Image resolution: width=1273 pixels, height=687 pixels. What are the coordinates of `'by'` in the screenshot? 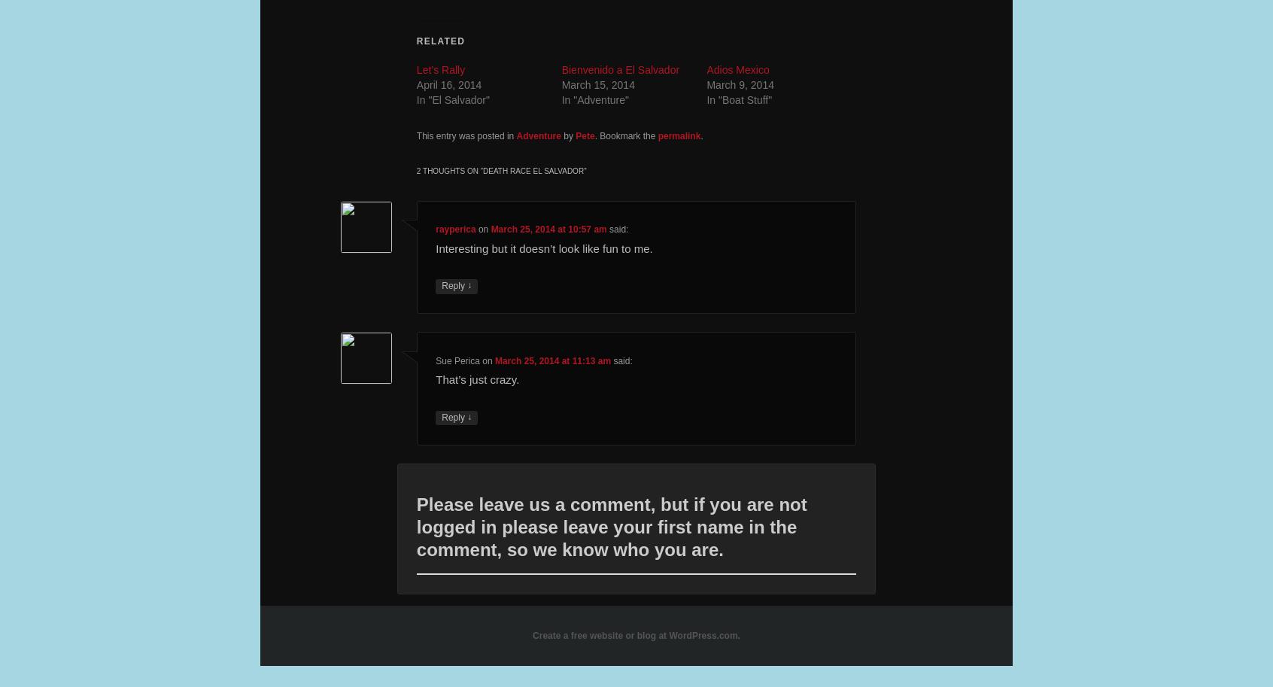 It's located at (567, 135).